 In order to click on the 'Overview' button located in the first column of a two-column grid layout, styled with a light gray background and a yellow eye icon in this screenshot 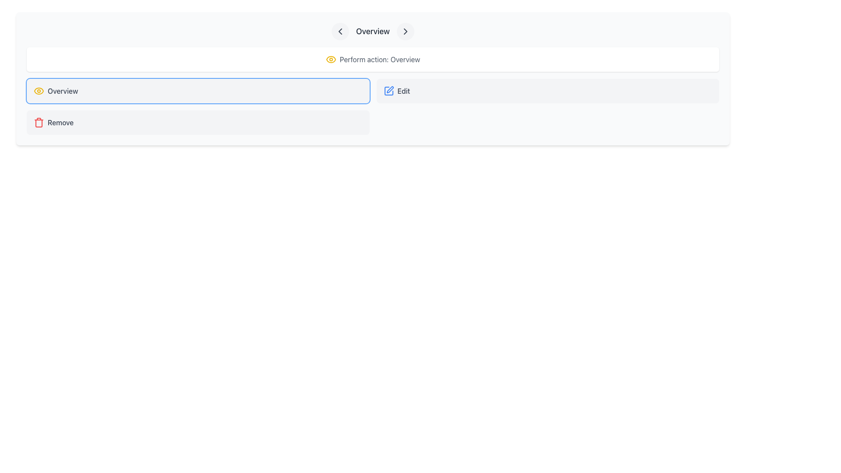, I will do `click(198, 91)`.